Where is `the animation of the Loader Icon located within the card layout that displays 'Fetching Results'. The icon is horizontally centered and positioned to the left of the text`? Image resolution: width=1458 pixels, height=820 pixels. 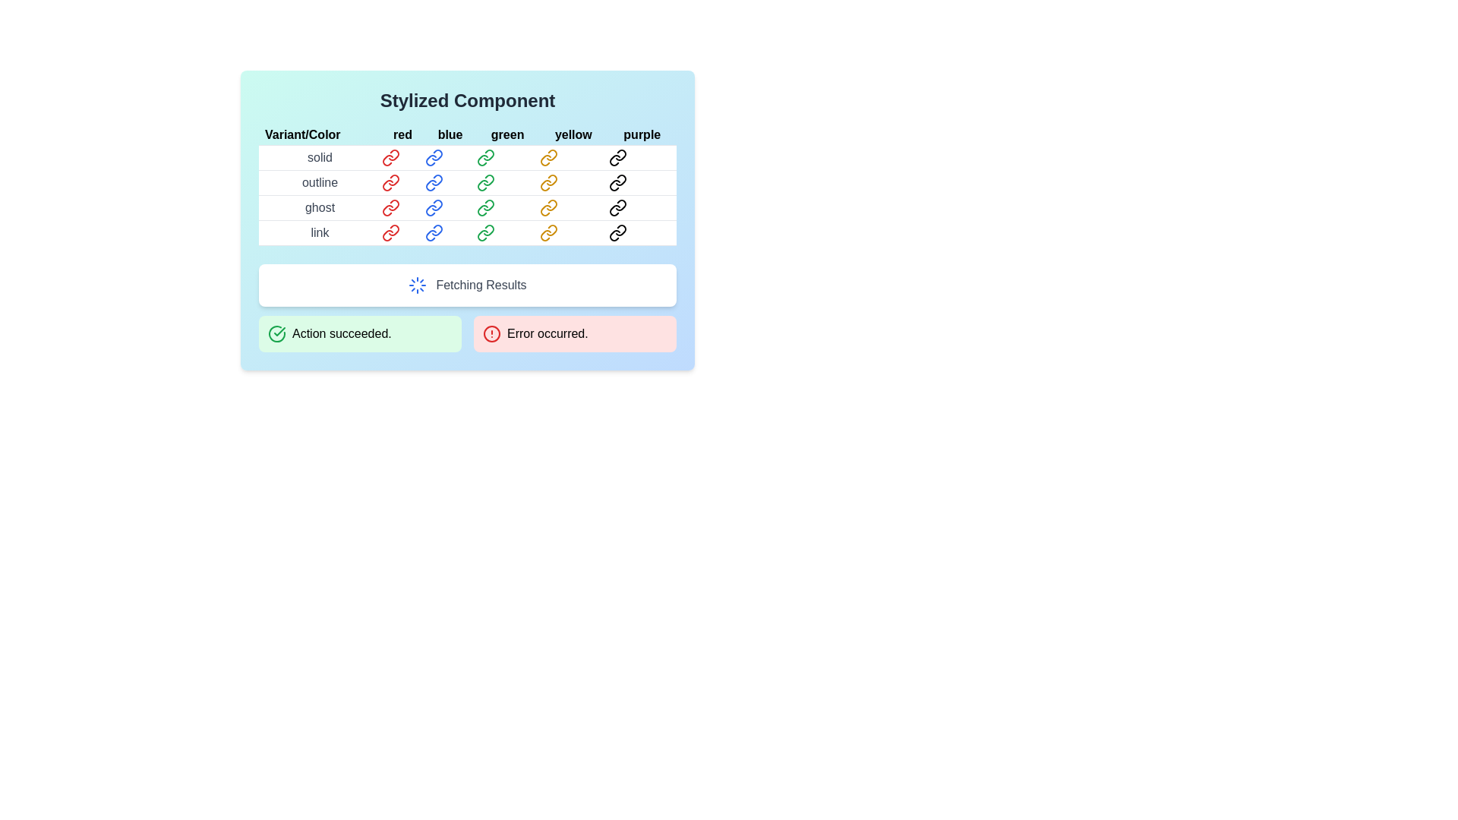
the animation of the Loader Icon located within the card layout that displays 'Fetching Results'. The icon is horizontally centered and positioned to the left of the text is located at coordinates (418, 285).